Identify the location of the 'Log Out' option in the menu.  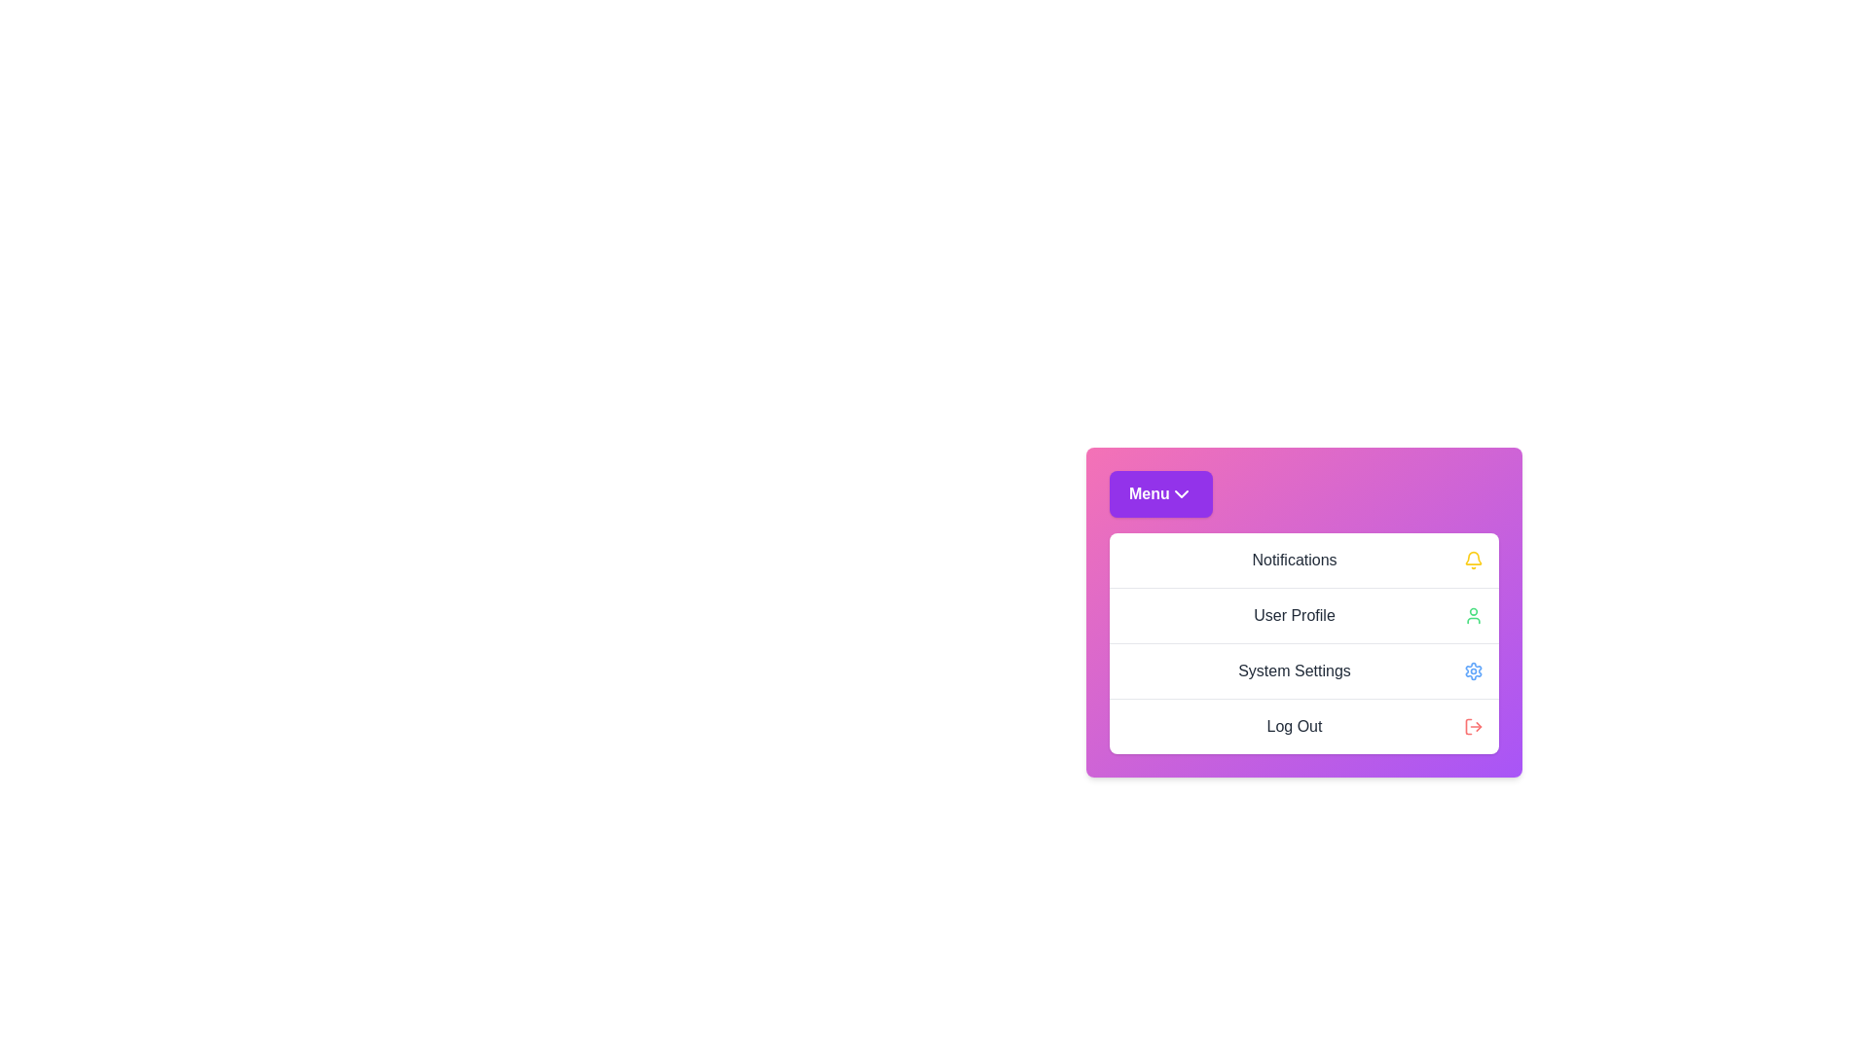
(1303, 726).